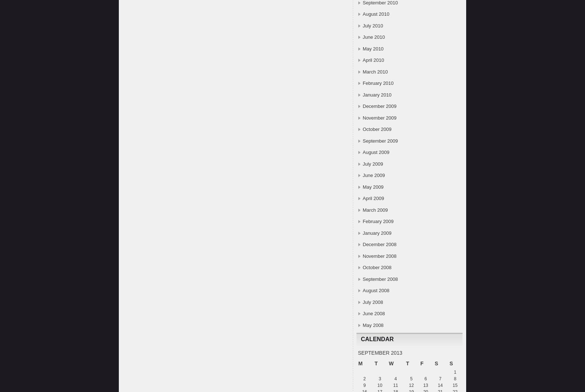  I want to click on 'June 2009', so click(362, 175).